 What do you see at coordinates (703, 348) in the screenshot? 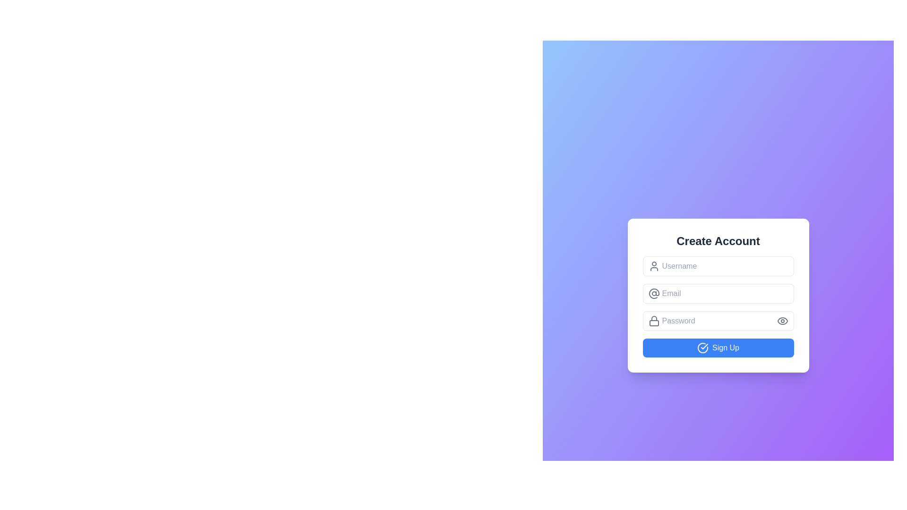
I see `the 'Sign Up' button by clicking on the decorative icon located to the left of the text 'Sign Up'` at bounding box center [703, 348].